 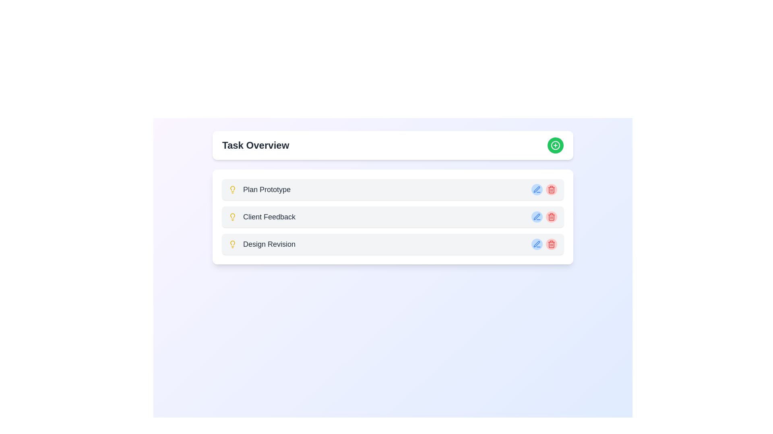 I want to click on the trash can icon, which is a red delete button located at the far right of a task overview list, to initiate the delete function, so click(x=551, y=244).